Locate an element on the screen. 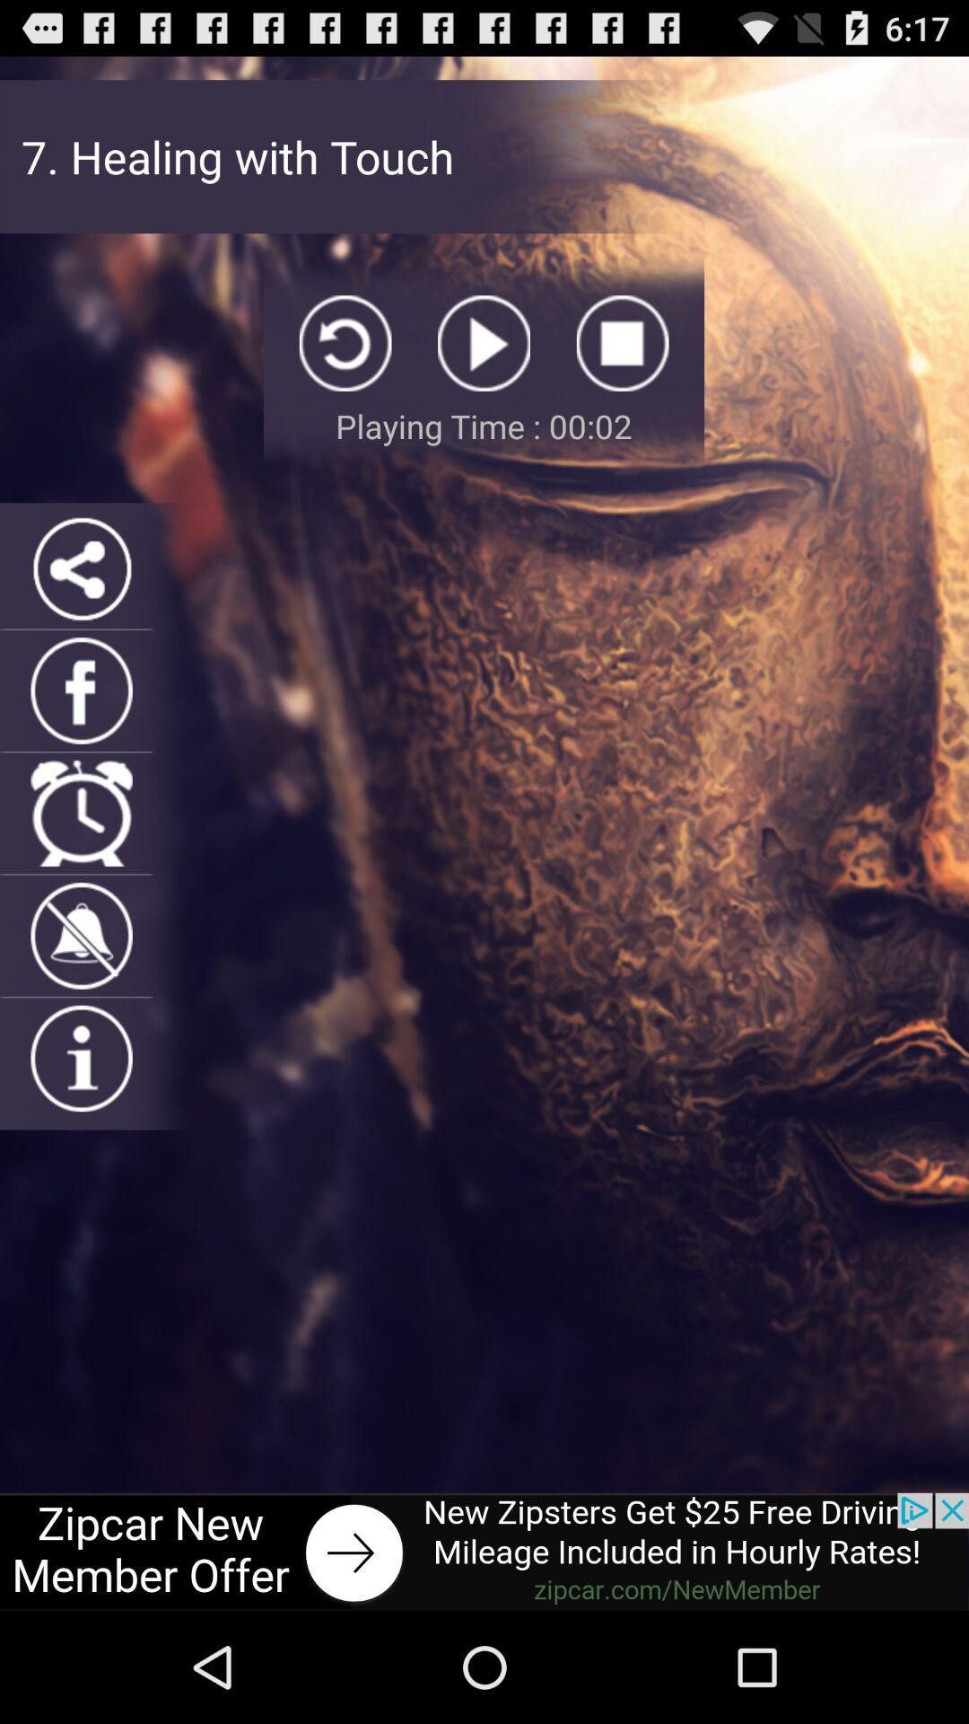  the time icon is located at coordinates (82, 870).